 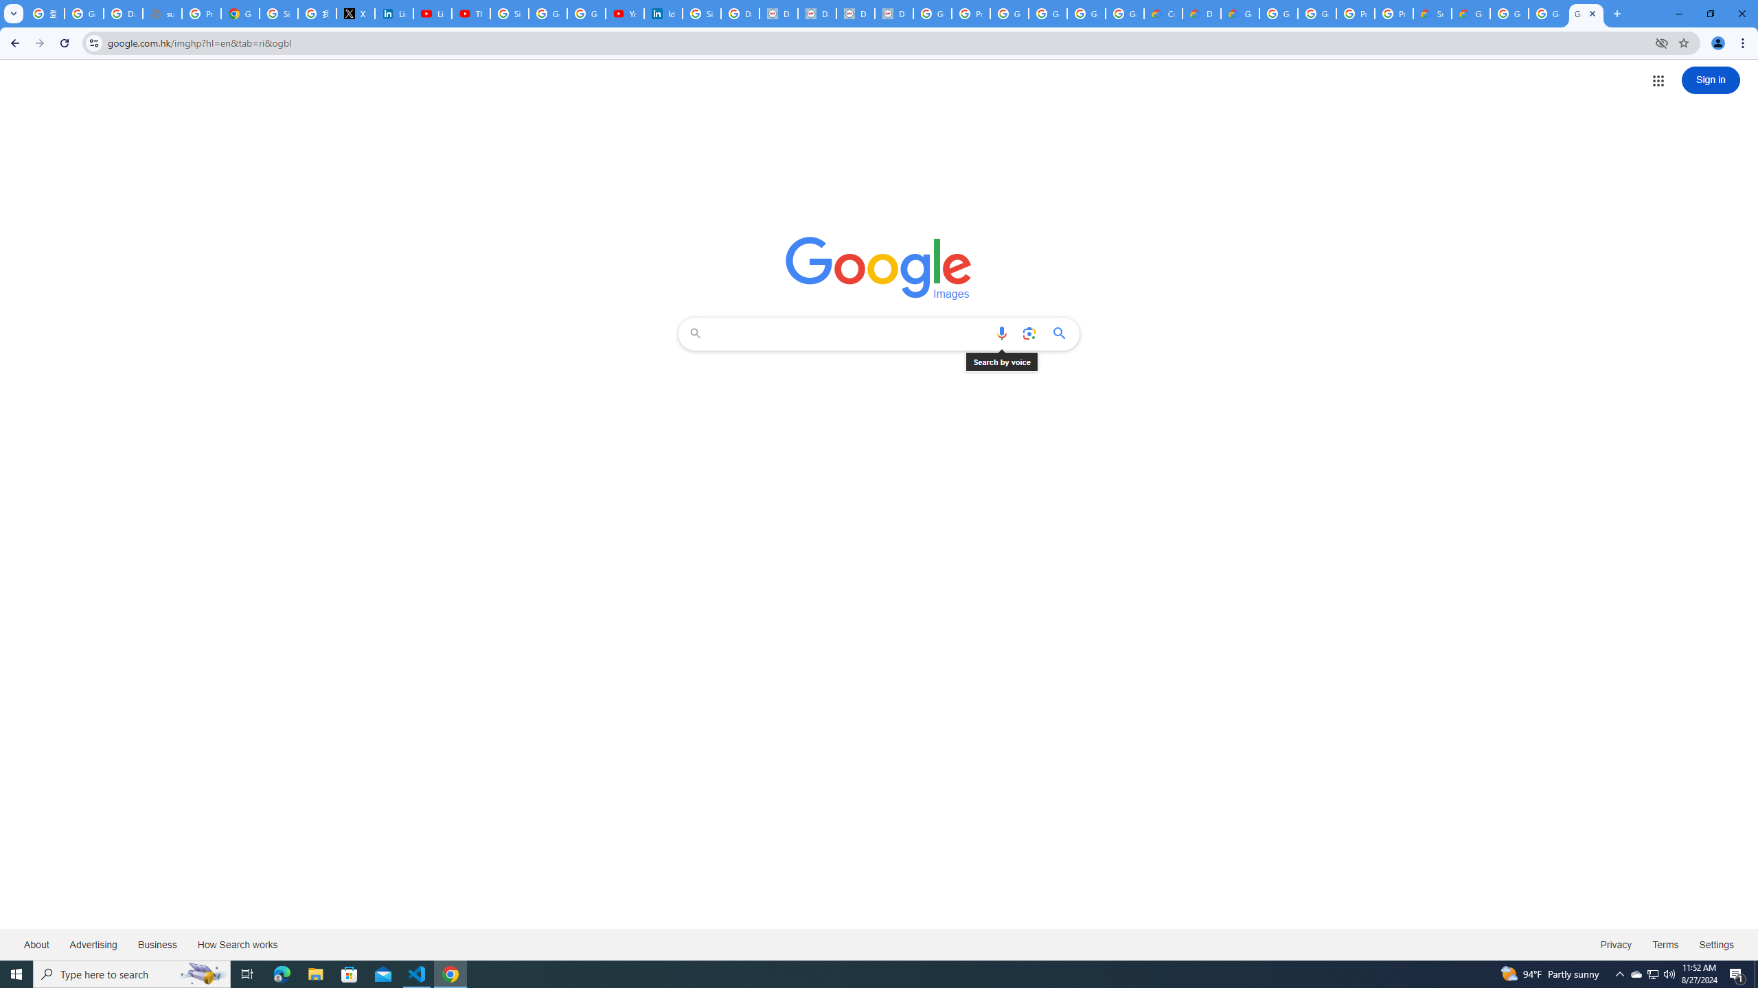 What do you see at coordinates (1123, 13) in the screenshot?
I see `'Google Workspace - Specific Terms'` at bounding box center [1123, 13].